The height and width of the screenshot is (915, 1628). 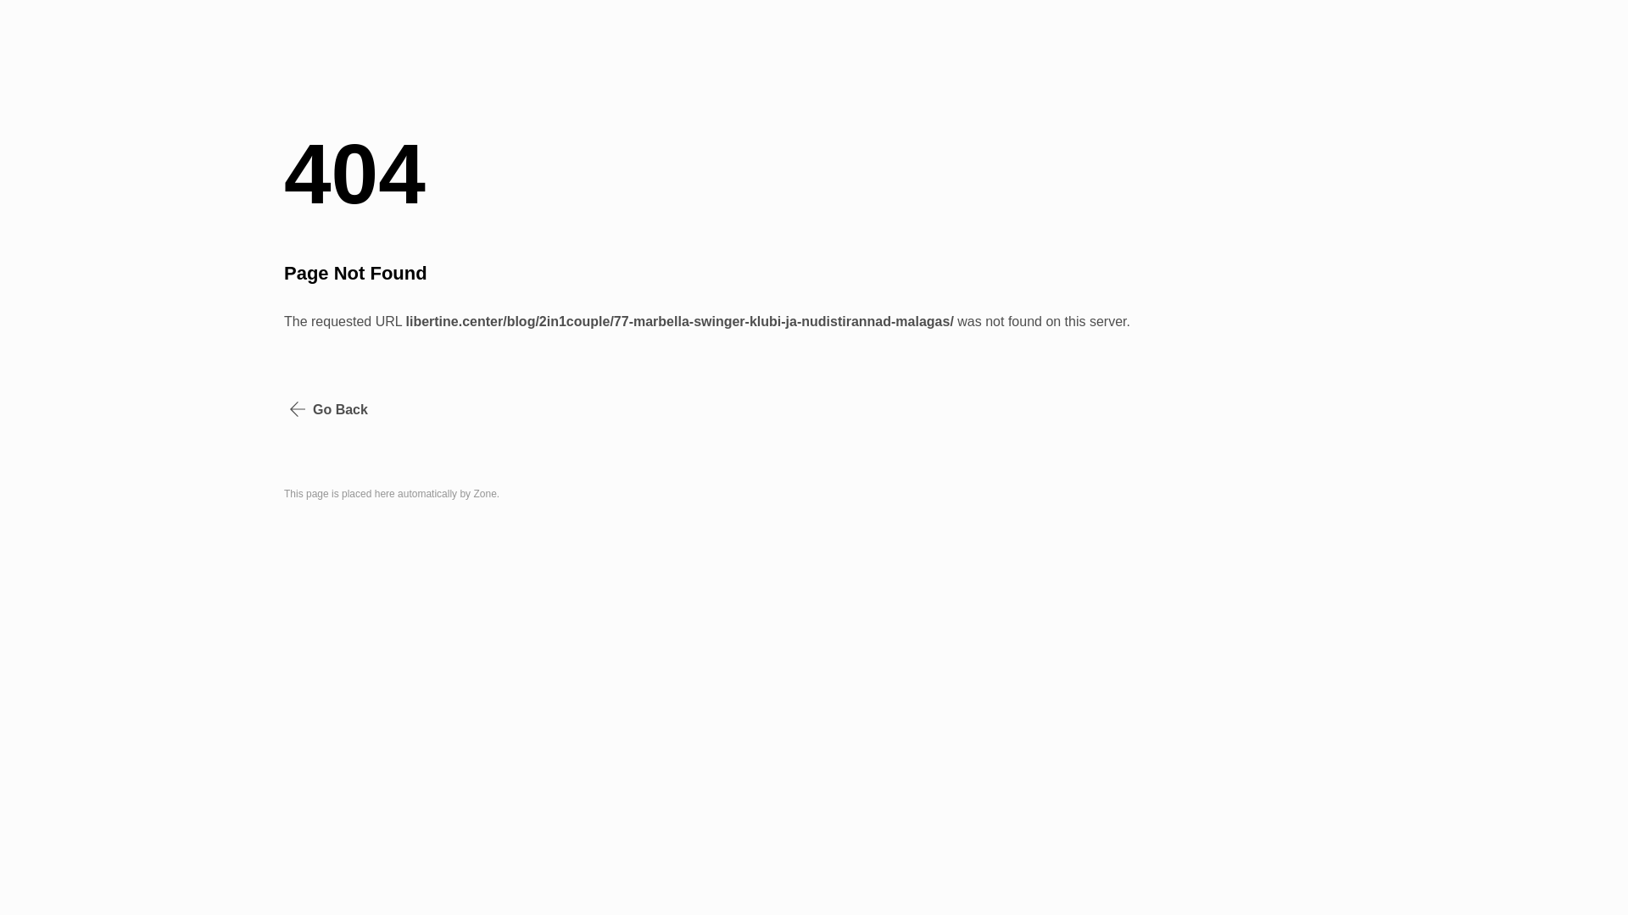 I want to click on 'Go Back', so click(x=328, y=409).